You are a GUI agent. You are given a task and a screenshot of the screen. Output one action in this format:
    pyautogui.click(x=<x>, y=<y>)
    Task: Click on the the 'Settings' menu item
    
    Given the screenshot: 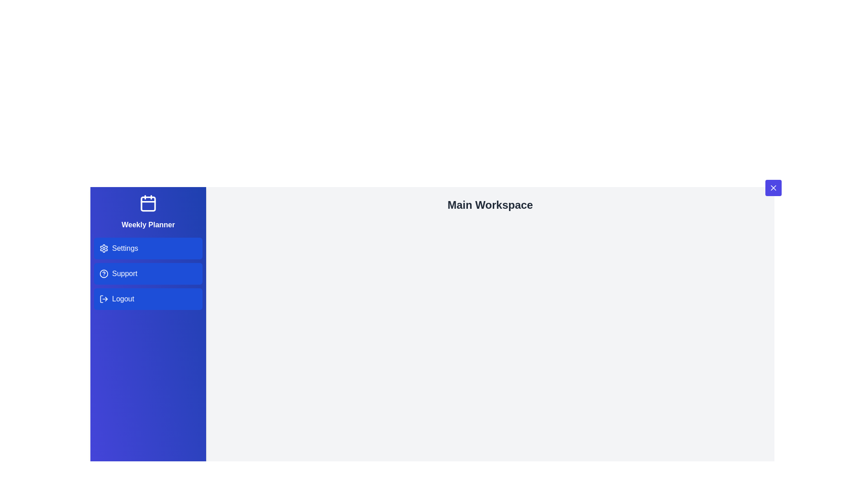 What is the action you would take?
    pyautogui.click(x=148, y=249)
    